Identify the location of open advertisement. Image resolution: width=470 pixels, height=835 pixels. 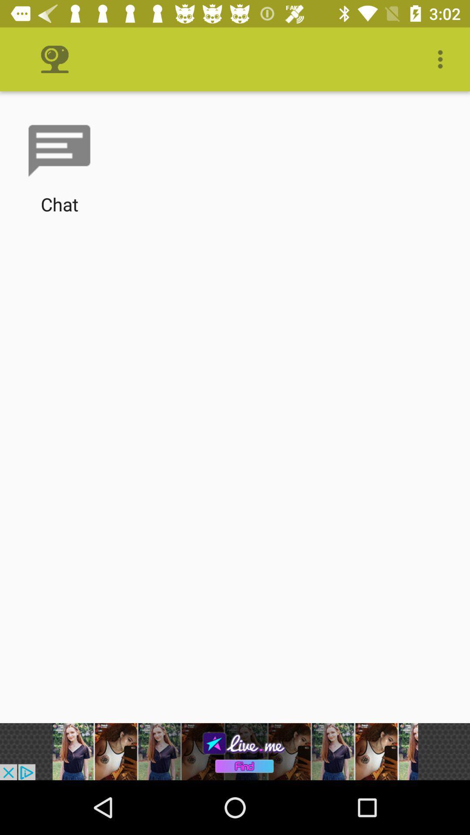
(235, 751).